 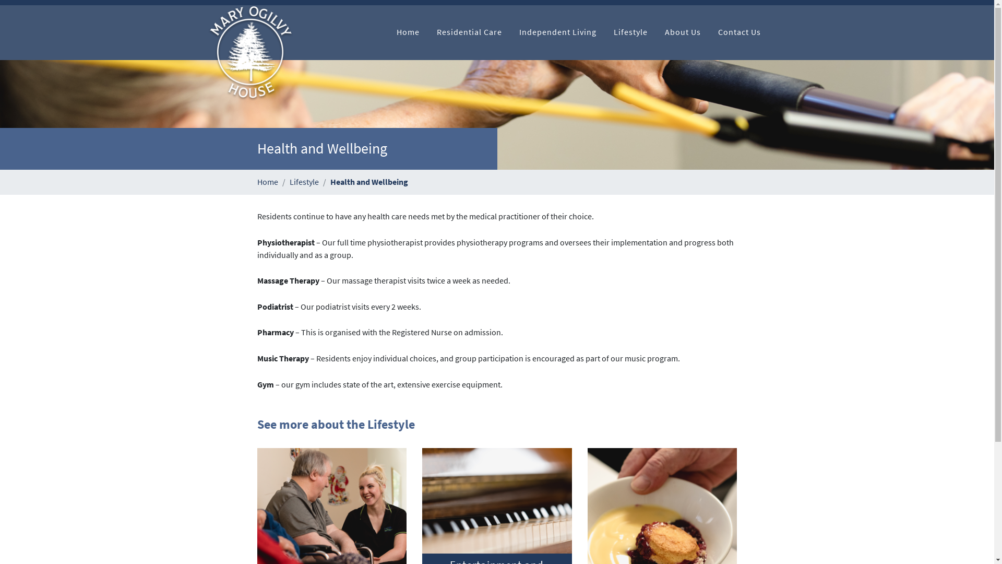 What do you see at coordinates (469, 31) in the screenshot?
I see `'Residential Care'` at bounding box center [469, 31].